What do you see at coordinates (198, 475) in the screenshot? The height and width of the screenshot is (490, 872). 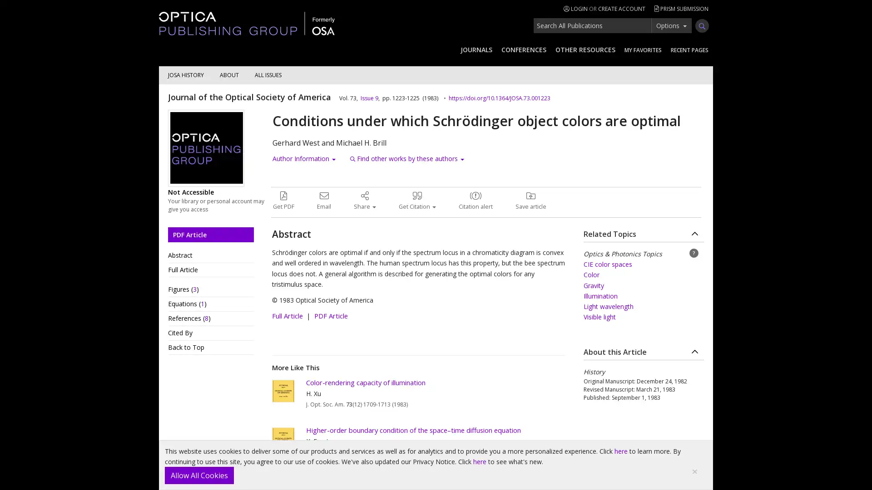 I see `close` at bounding box center [198, 475].